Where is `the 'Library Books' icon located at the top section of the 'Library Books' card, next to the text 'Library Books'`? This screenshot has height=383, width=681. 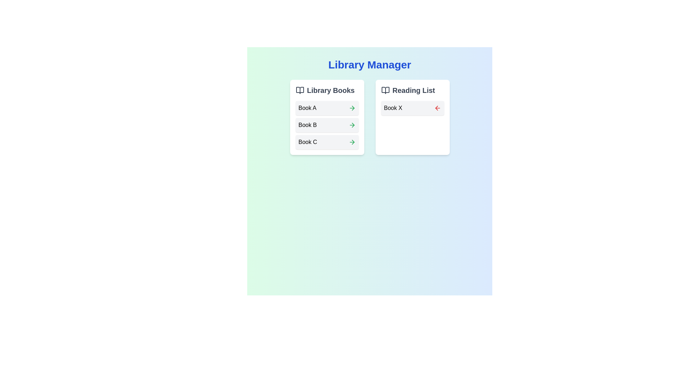 the 'Library Books' icon located at the top section of the 'Library Books' card, next to the text 'Library Books' is located at coordinates (300, 90).